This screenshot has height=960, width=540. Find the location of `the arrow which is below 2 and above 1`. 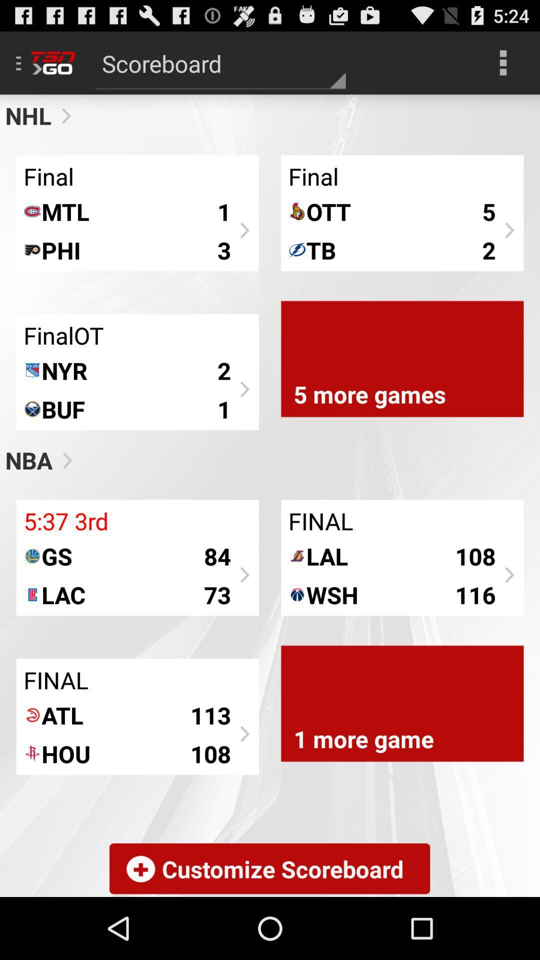

the arrow which is below 2 and above 1 is located at coordinates (243, 389).